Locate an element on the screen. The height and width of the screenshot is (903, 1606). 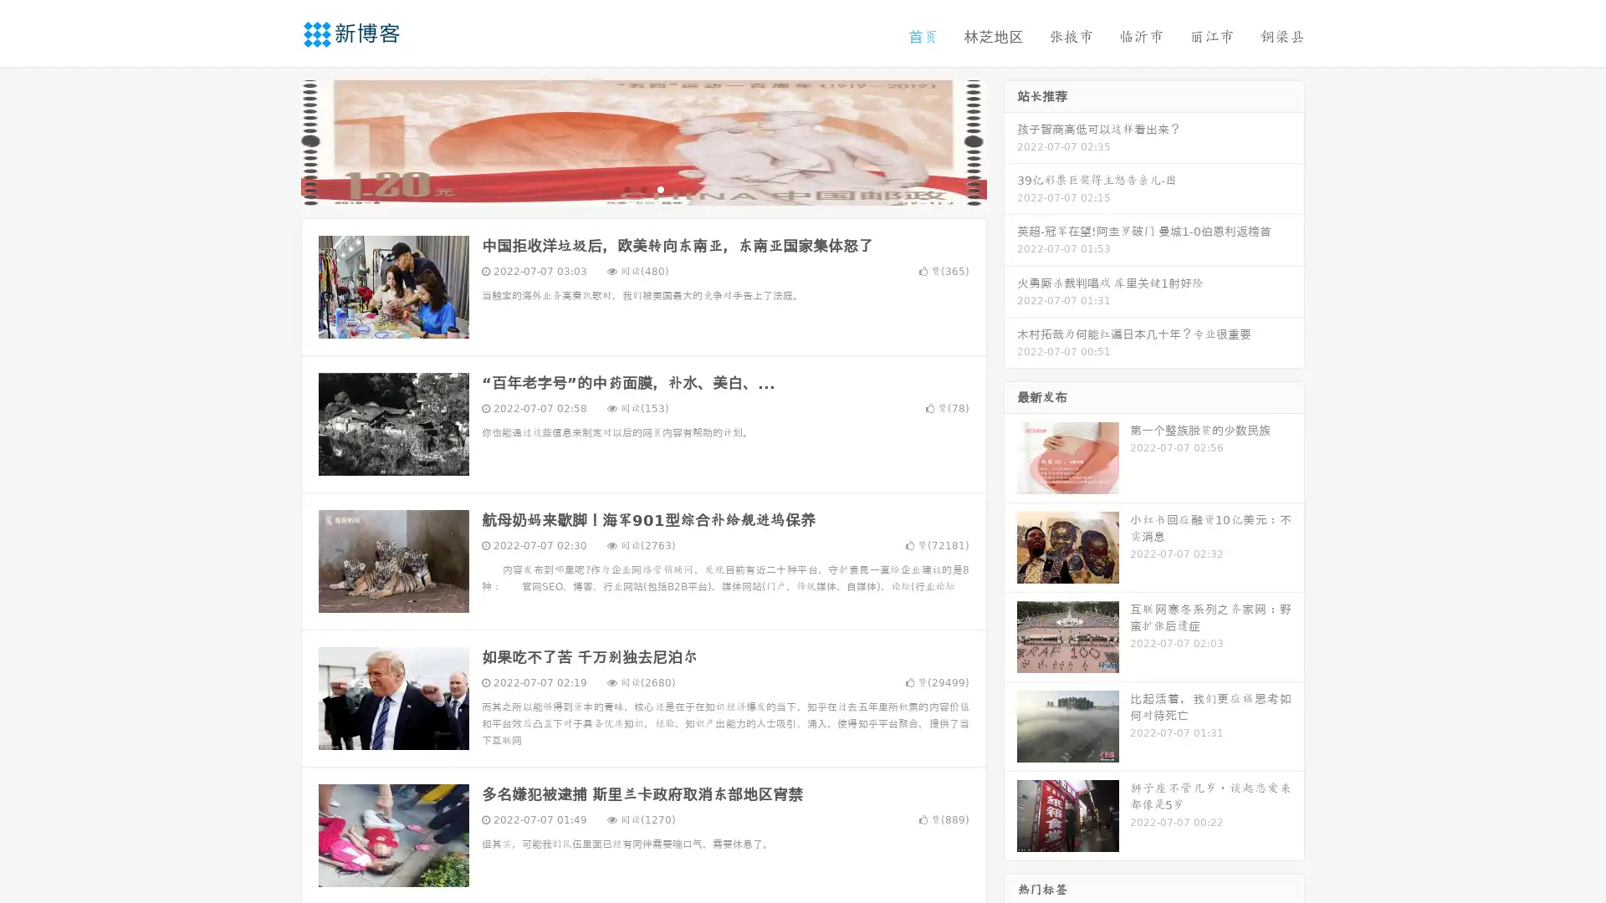
Go to slide 2 is located at coordinates (642, 188).